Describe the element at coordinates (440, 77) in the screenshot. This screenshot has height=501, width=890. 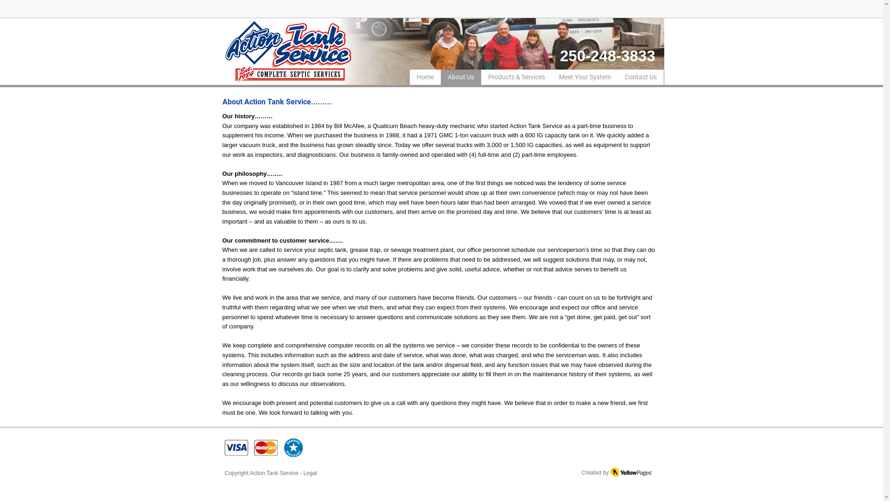
I see `'About Us'` at that location.